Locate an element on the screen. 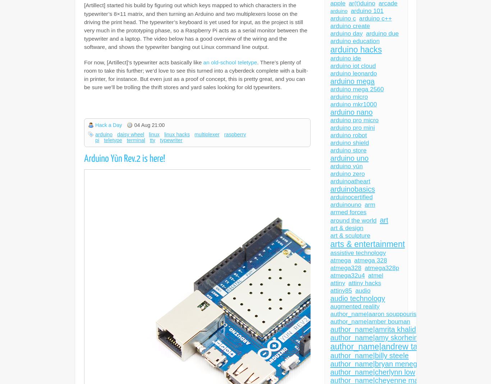 This screenshot has width=491, height=384. 'arduino due' is located at coordinates (366, 33).